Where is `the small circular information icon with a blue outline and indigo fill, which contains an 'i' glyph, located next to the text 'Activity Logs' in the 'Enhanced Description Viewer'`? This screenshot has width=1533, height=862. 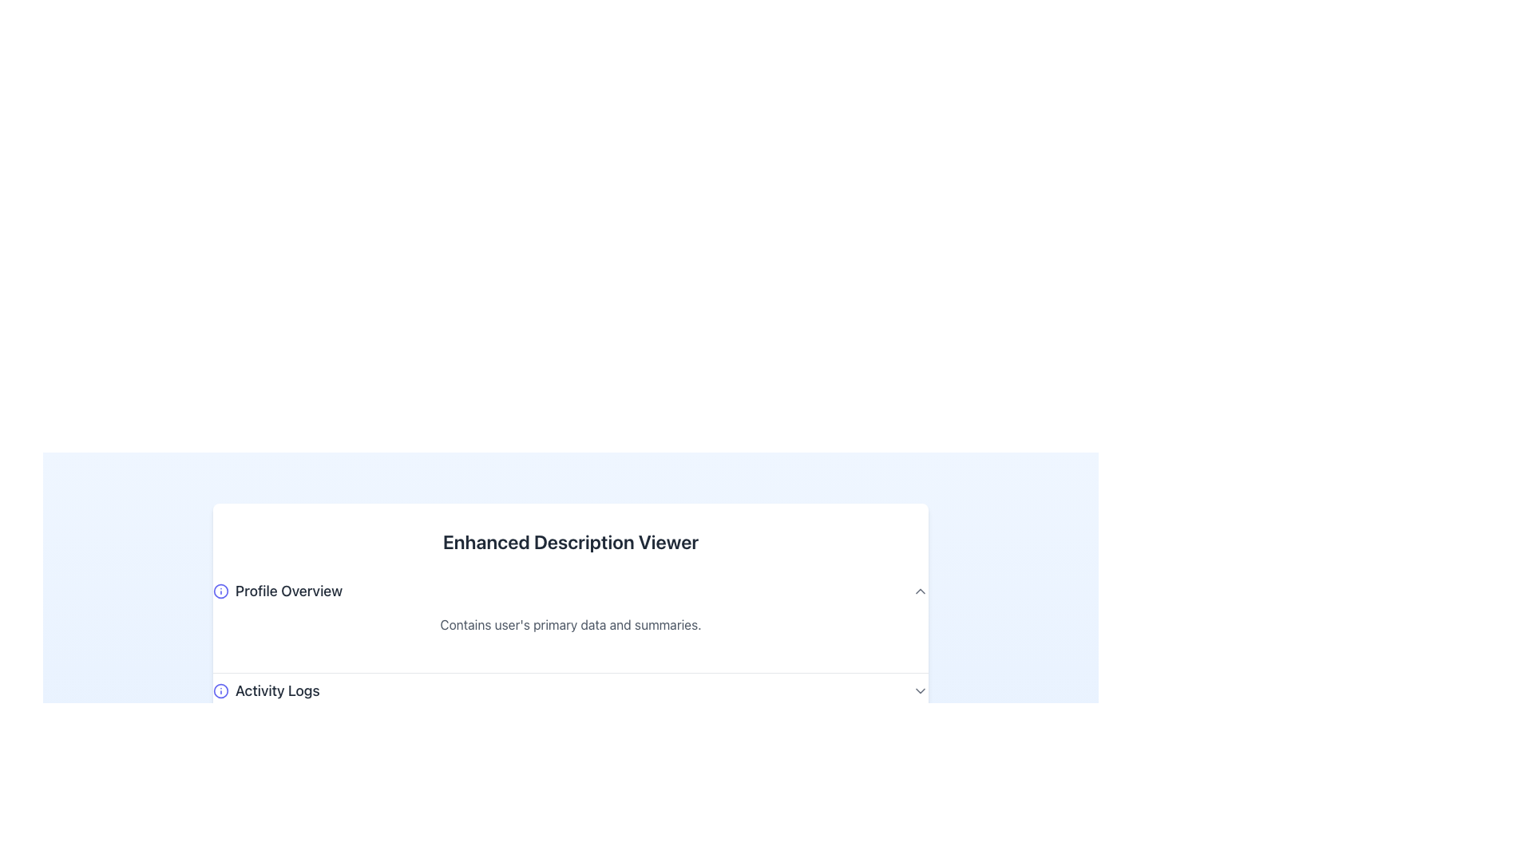 the small circular information icon with a blue outline and indigo fill, which contains an 'i' glyph, located next to the text 'Activity Logs' in the 'Enhanced Description Viewer' is located at coordinates (220, 690).